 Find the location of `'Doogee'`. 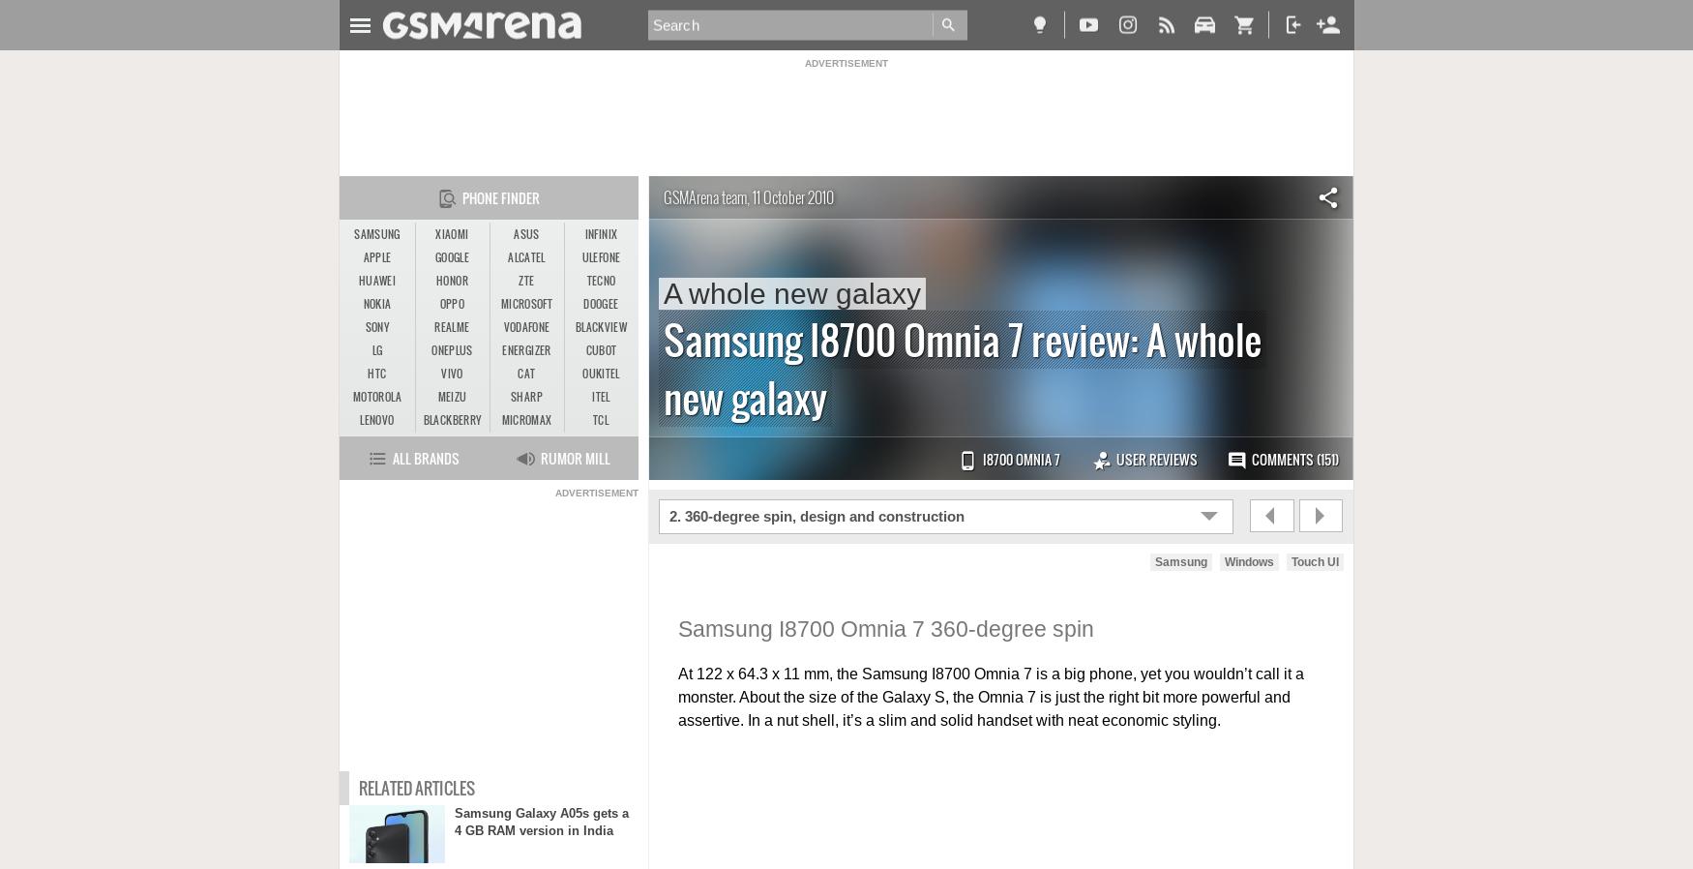

'Doogee' is located at coordinates (601, 304).